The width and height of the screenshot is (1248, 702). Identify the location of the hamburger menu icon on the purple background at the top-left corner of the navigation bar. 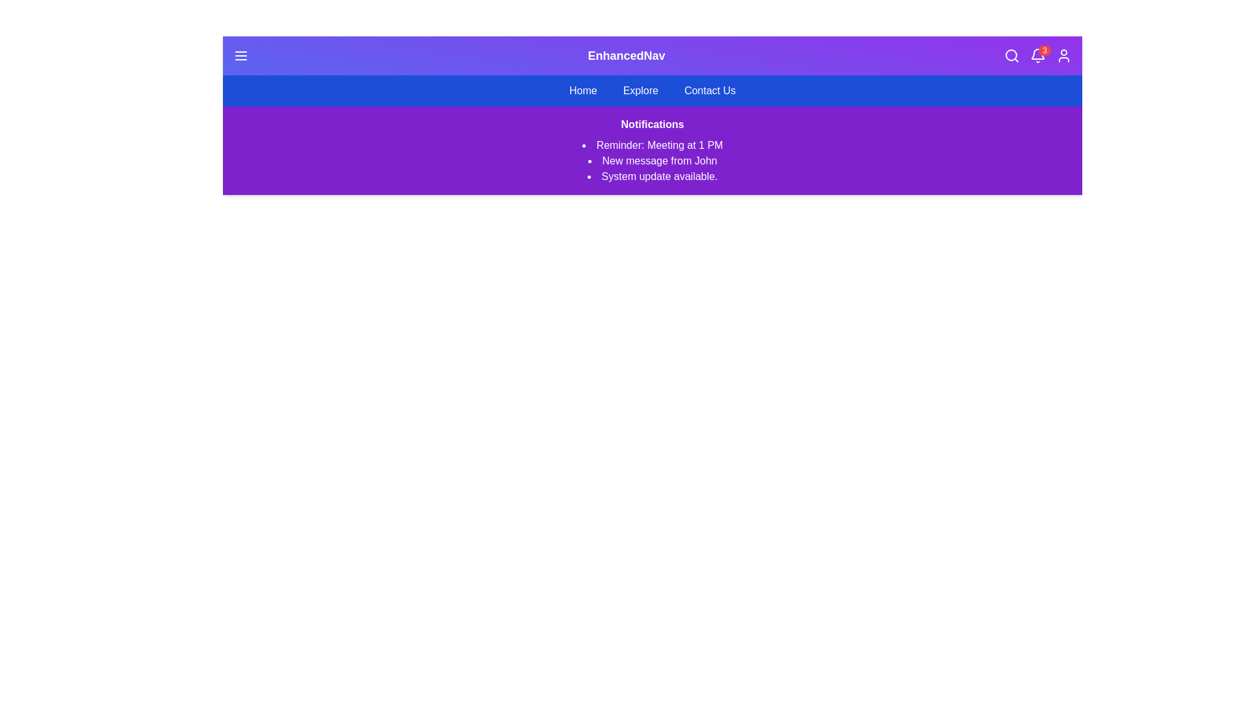
(240, 55).